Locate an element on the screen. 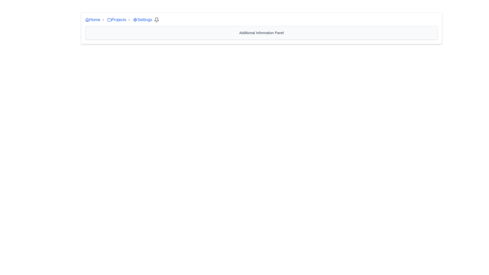  the 'Projects' text link in the breadcrumb navigation bar is located at coordinates (118, 19).